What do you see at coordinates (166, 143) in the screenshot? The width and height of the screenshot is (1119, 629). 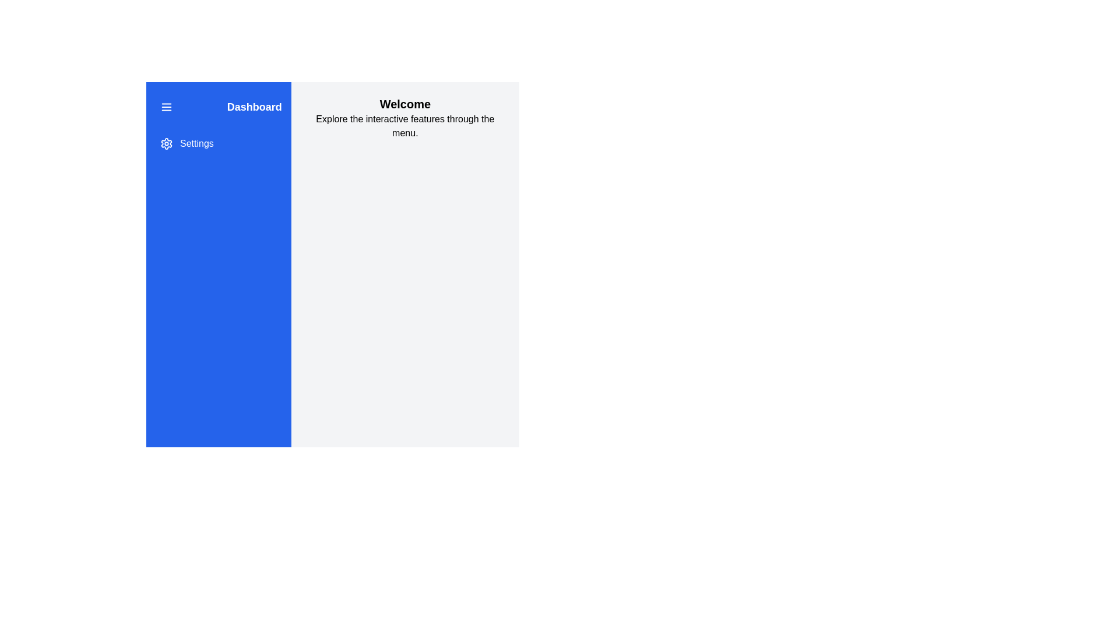 I see `the settings icon, which resembles a gear and is located next to the label 'Settings' in the vertical menu on the left side of the interface` at bounding box center [166, 143].